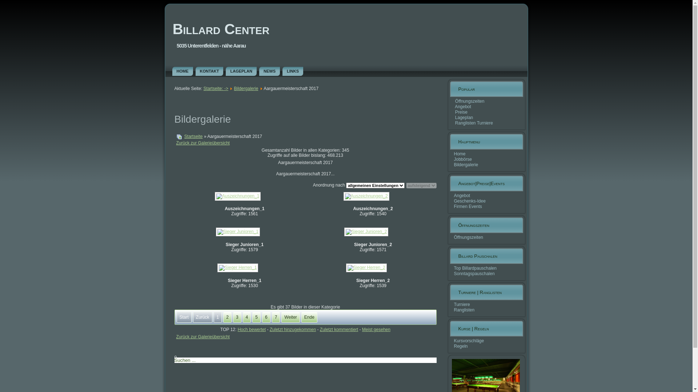  What do you see at coordinates (474, 123) in the screenshot?
I see `'Ranglisten Turniere'` at bounding box center [474, 123].